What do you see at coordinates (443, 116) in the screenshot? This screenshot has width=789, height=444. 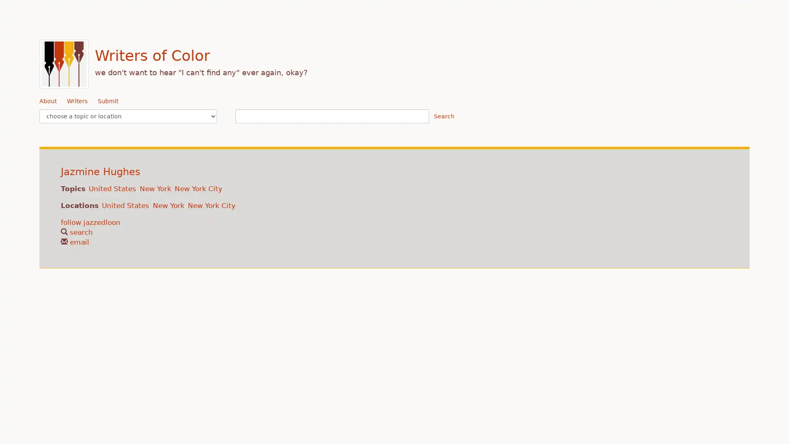 I see `Search` at bounding box center [443, 116].